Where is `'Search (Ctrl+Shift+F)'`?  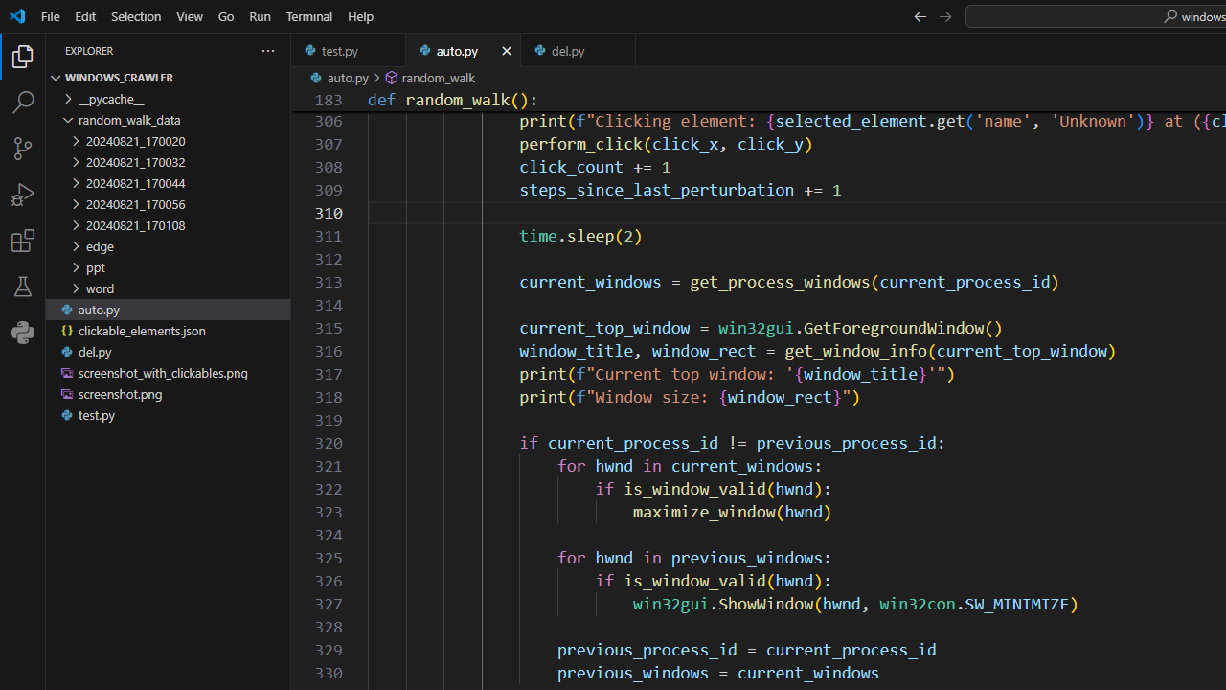
'Search (Ctrl+Shift+F)' is located at coordinates (23, 102).